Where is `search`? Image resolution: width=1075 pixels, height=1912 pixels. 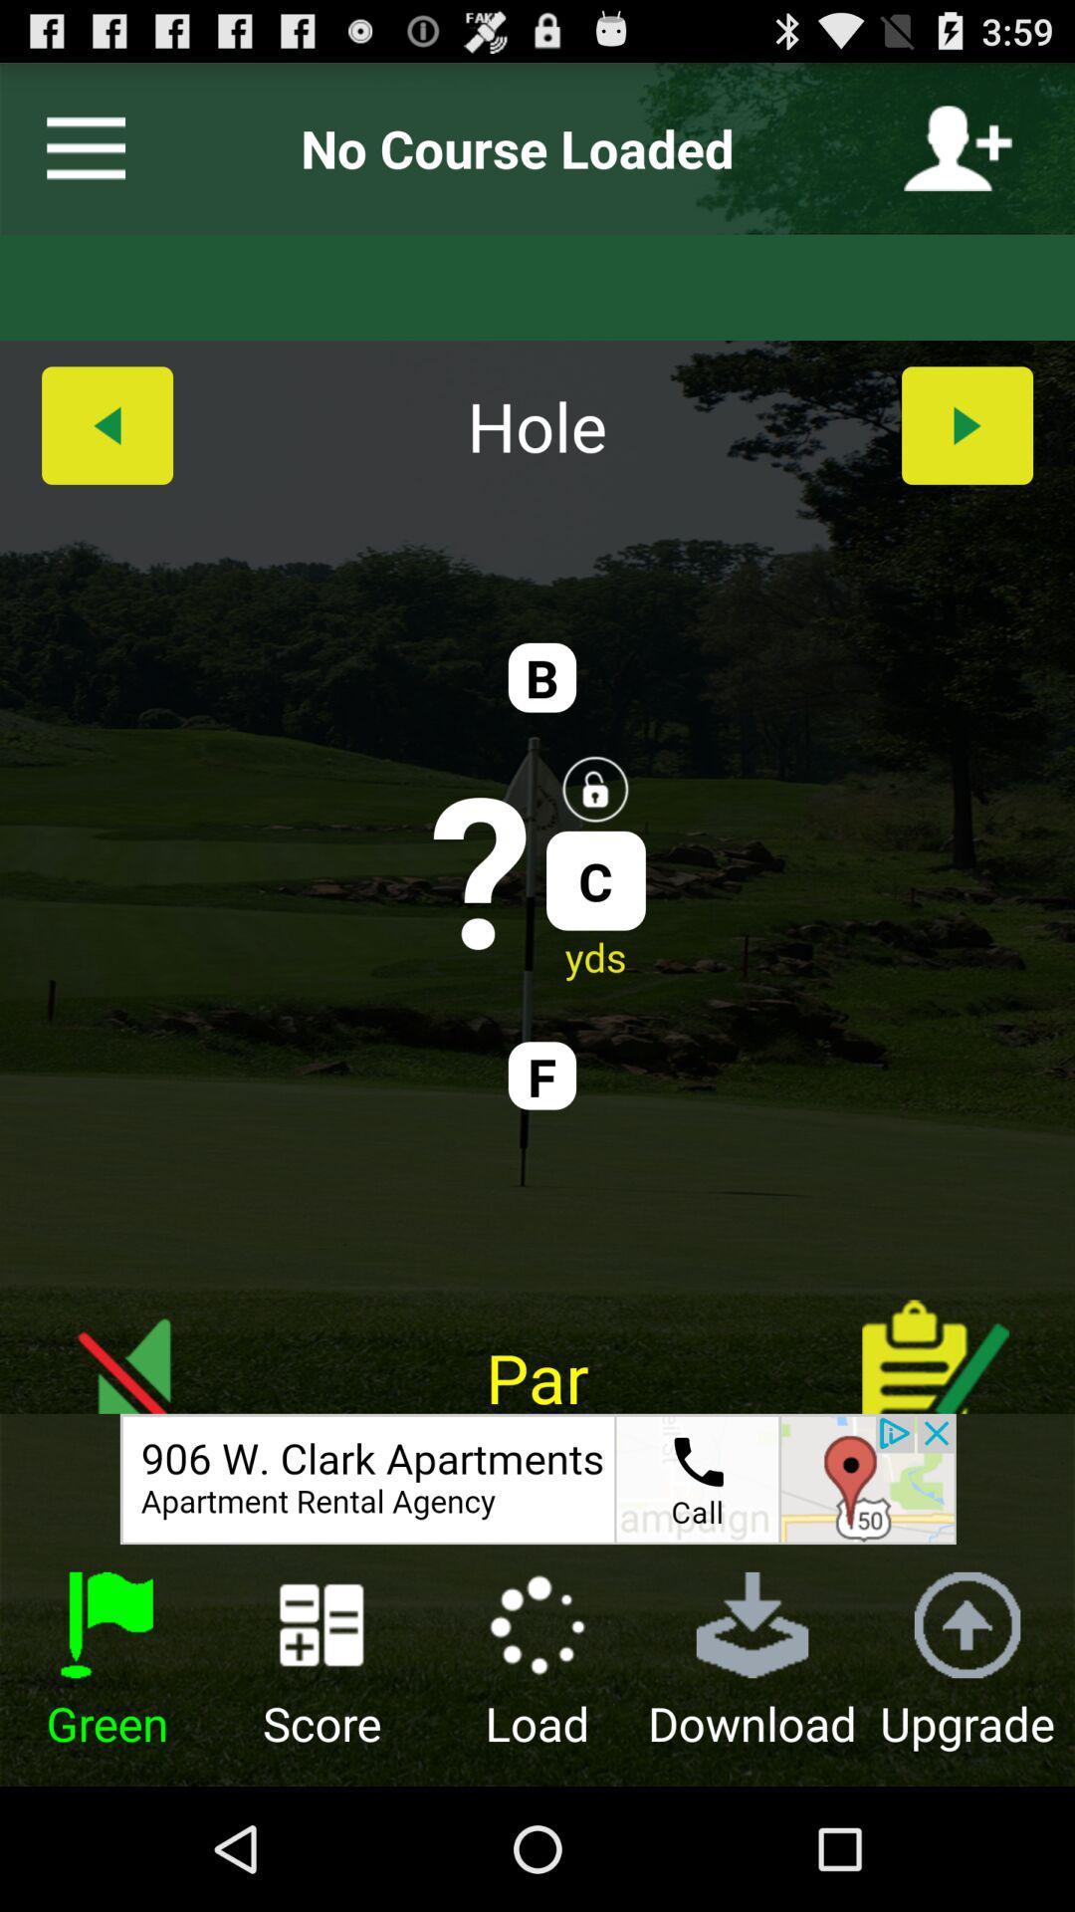
search is located at coordinates (77, 147).